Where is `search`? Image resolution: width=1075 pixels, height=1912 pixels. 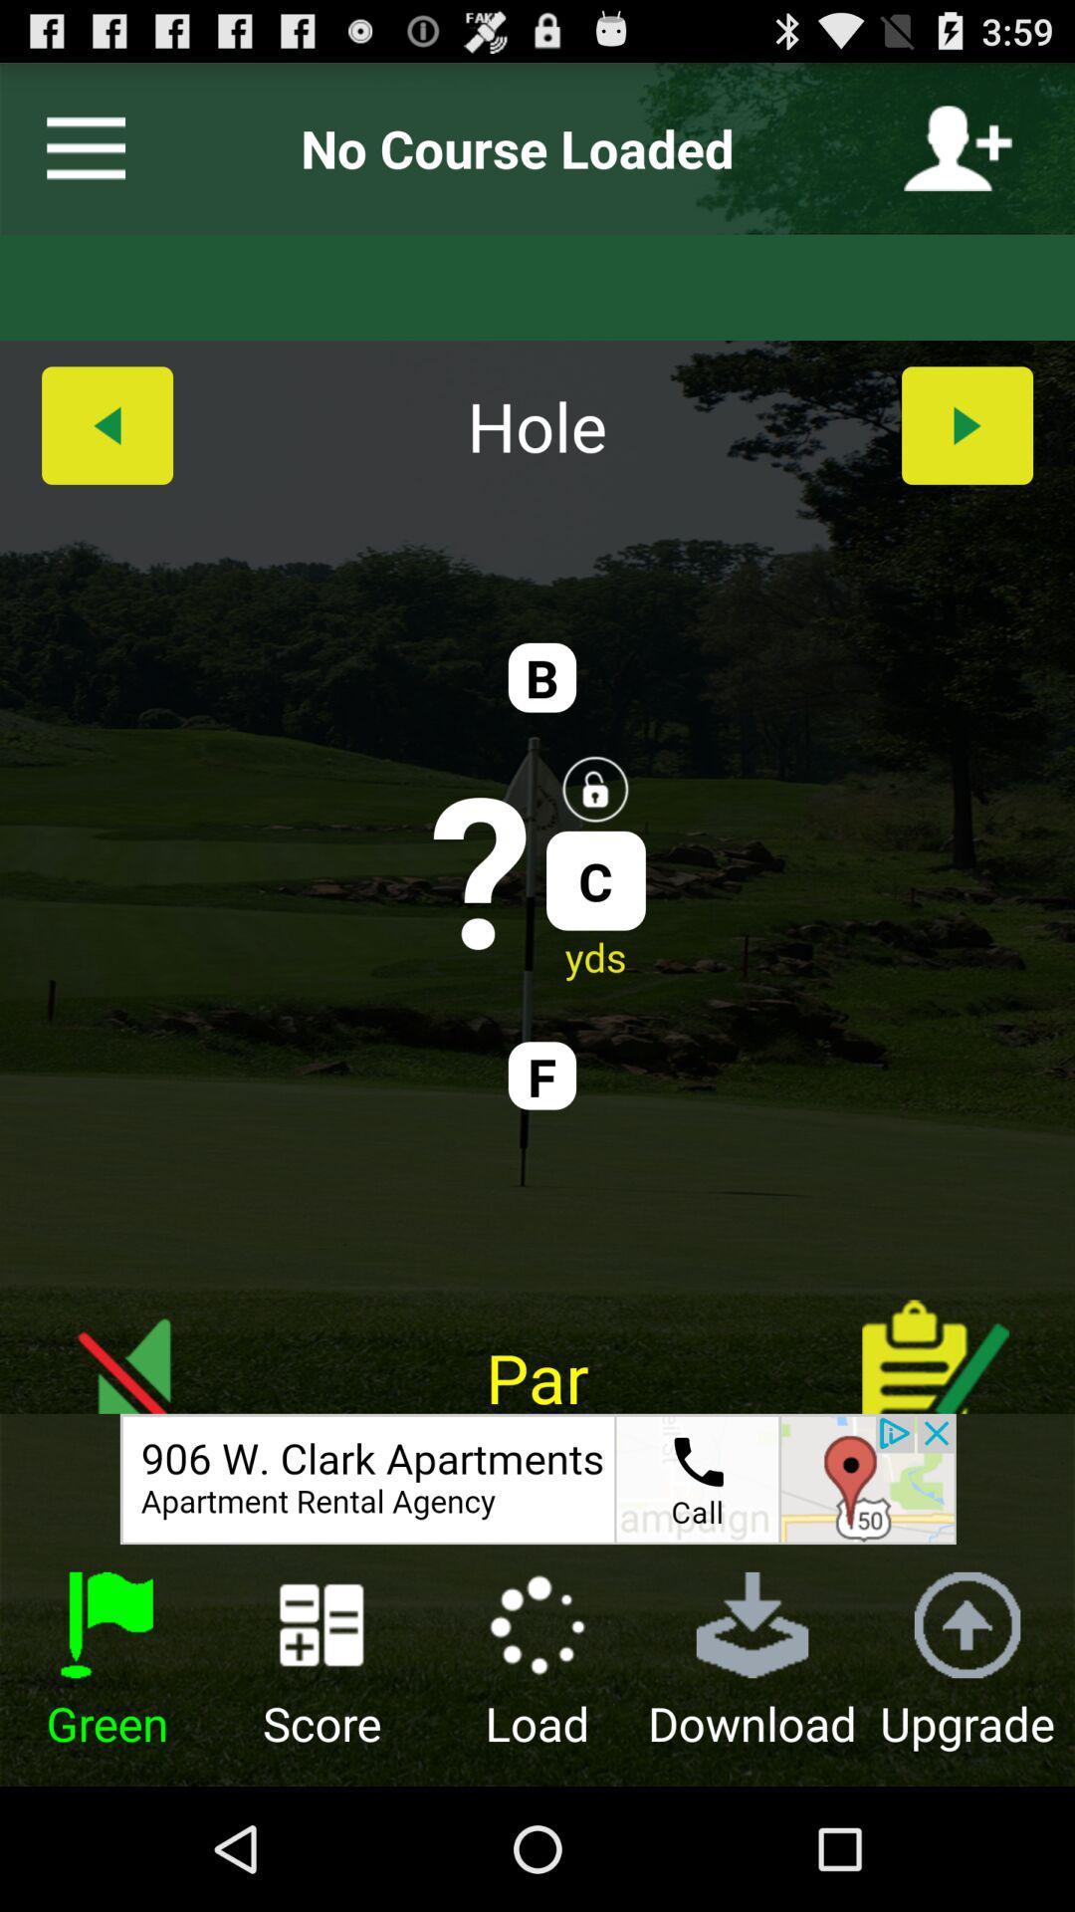
search is located at coordinates (77, 147).